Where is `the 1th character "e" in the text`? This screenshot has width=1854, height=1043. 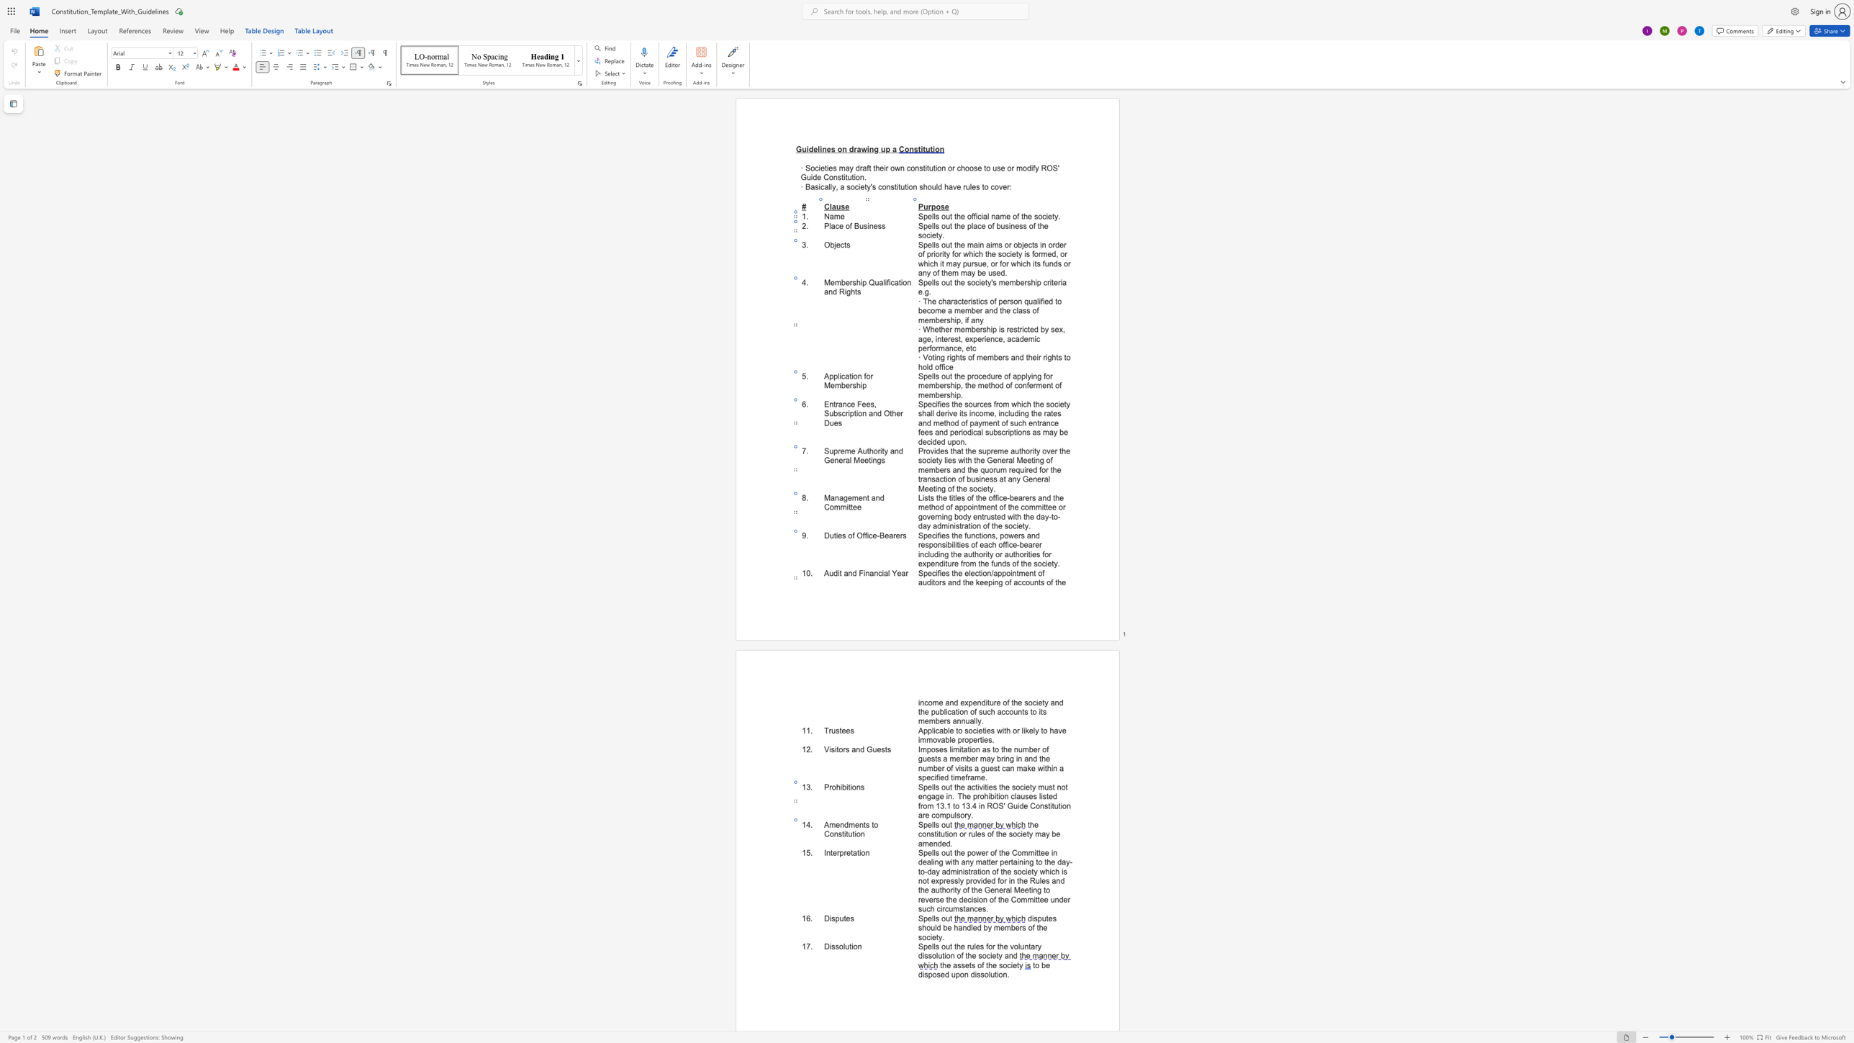
the 1th character "e" in the text is located at coordinates (837, 824).